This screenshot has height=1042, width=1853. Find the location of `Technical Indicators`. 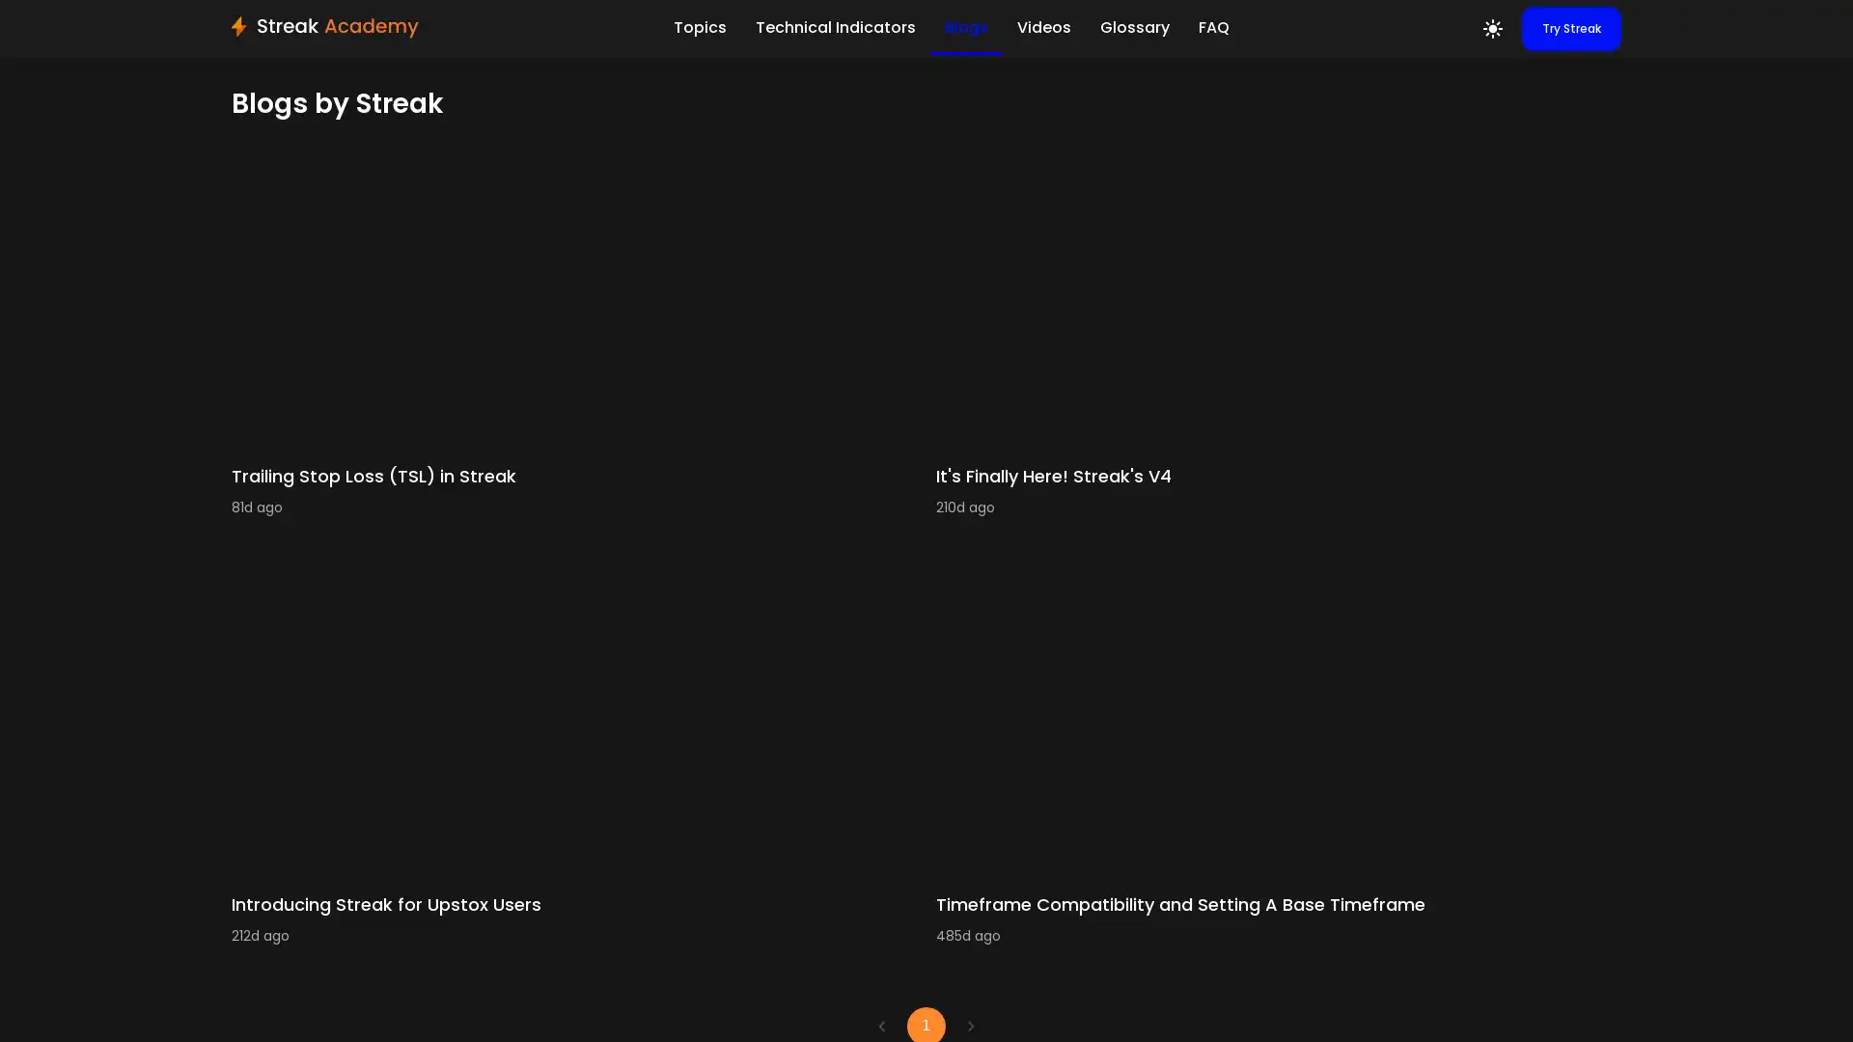

Technical Indicators is located at coordinates (834, 26).